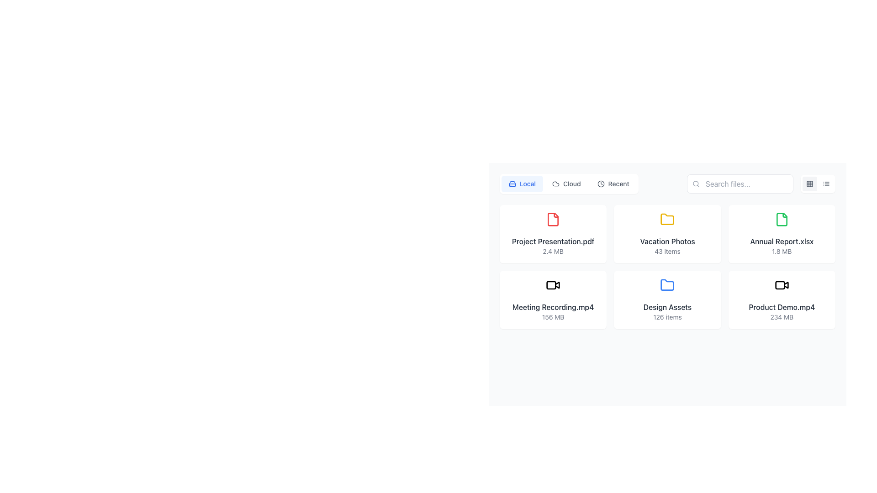 This screenshot has width=877, height=493. Describe the element at coordinates (809, 184) in the screenshot. I see `the grid view button, which is a square icon with a light gray background and rounded corners` at that location.